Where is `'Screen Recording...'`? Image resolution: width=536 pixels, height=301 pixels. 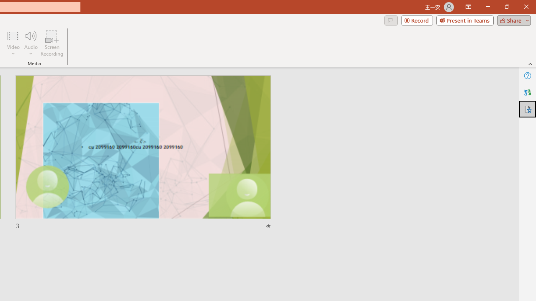
'Screen Recording...' is located at coordinates (52, 43).